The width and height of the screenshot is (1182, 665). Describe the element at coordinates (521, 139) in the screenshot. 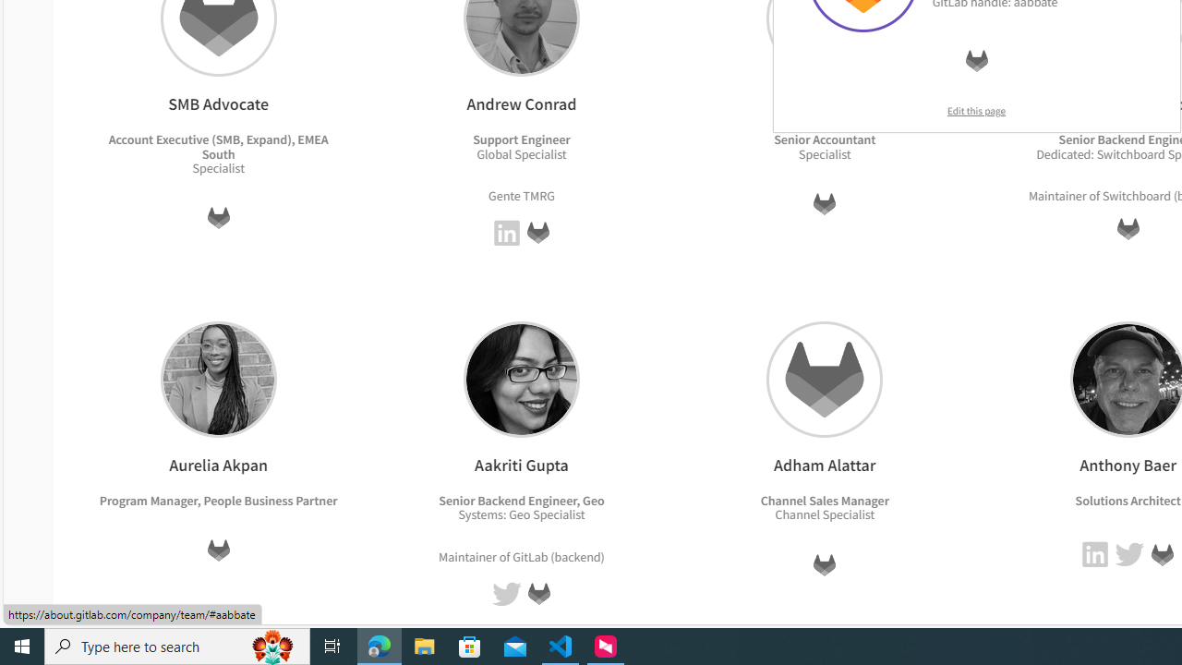

I see `'Support Engineer'` at that location.